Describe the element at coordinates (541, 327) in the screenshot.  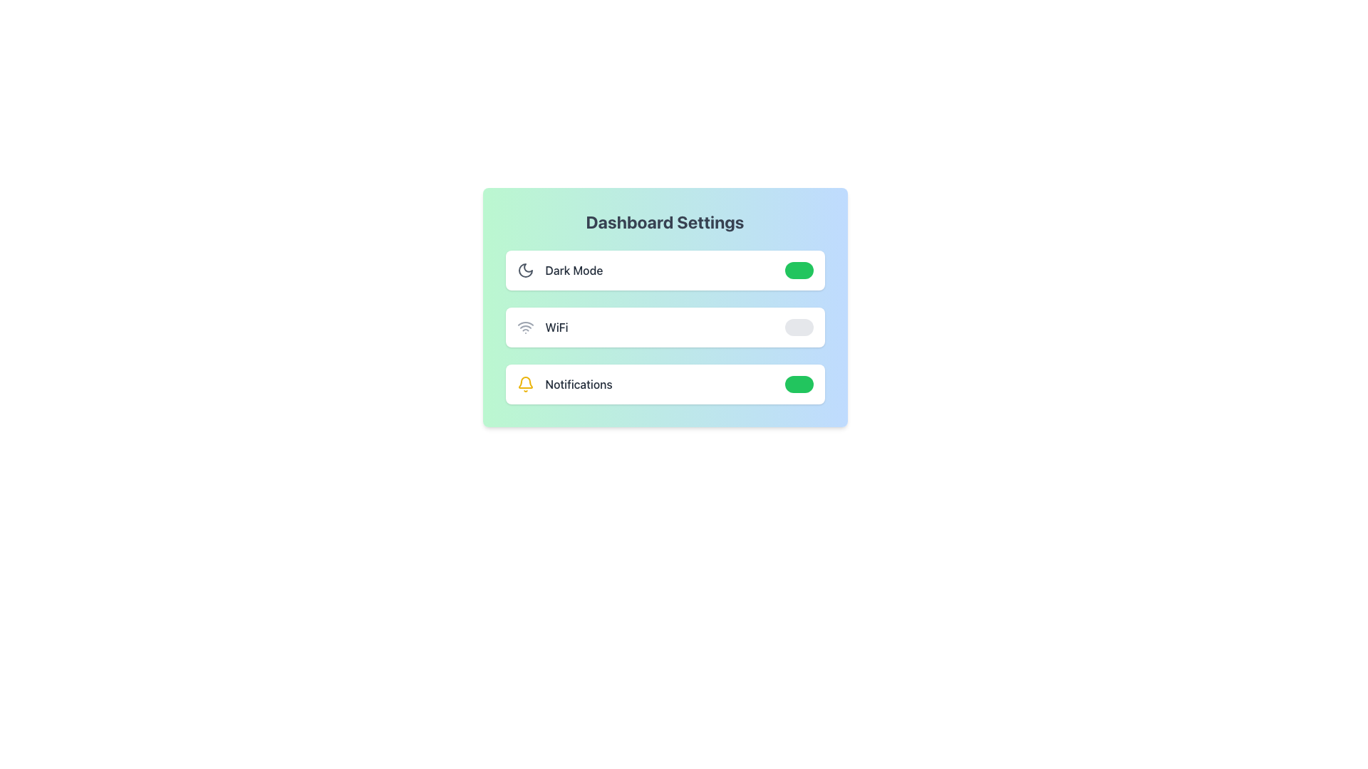
I see `label text of the WiFi settings toggle option located in the second row of the 'Dashboard Settings' card, to the left of the toggle switch` at that location.